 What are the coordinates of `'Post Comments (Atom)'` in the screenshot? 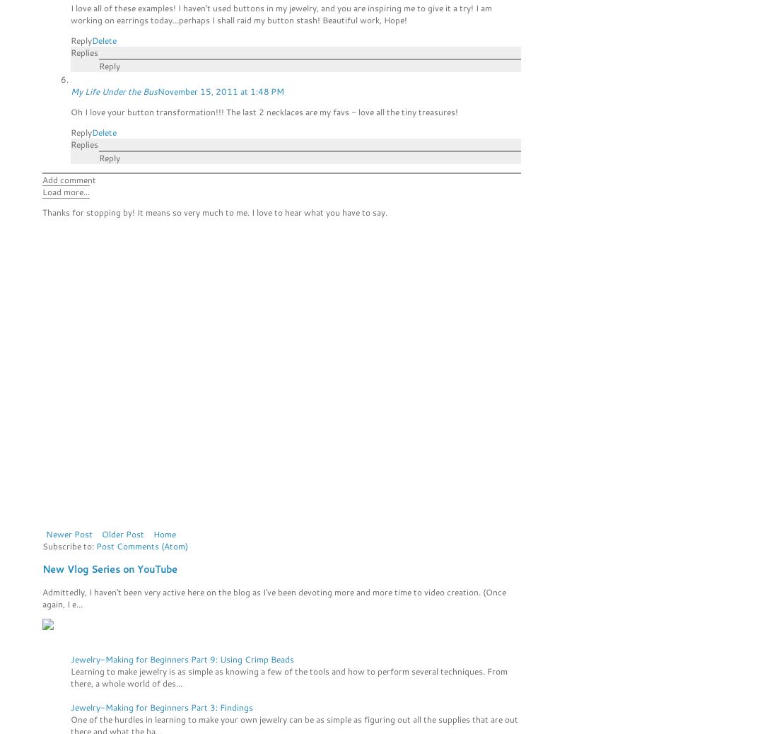 It's located at (141, 545).